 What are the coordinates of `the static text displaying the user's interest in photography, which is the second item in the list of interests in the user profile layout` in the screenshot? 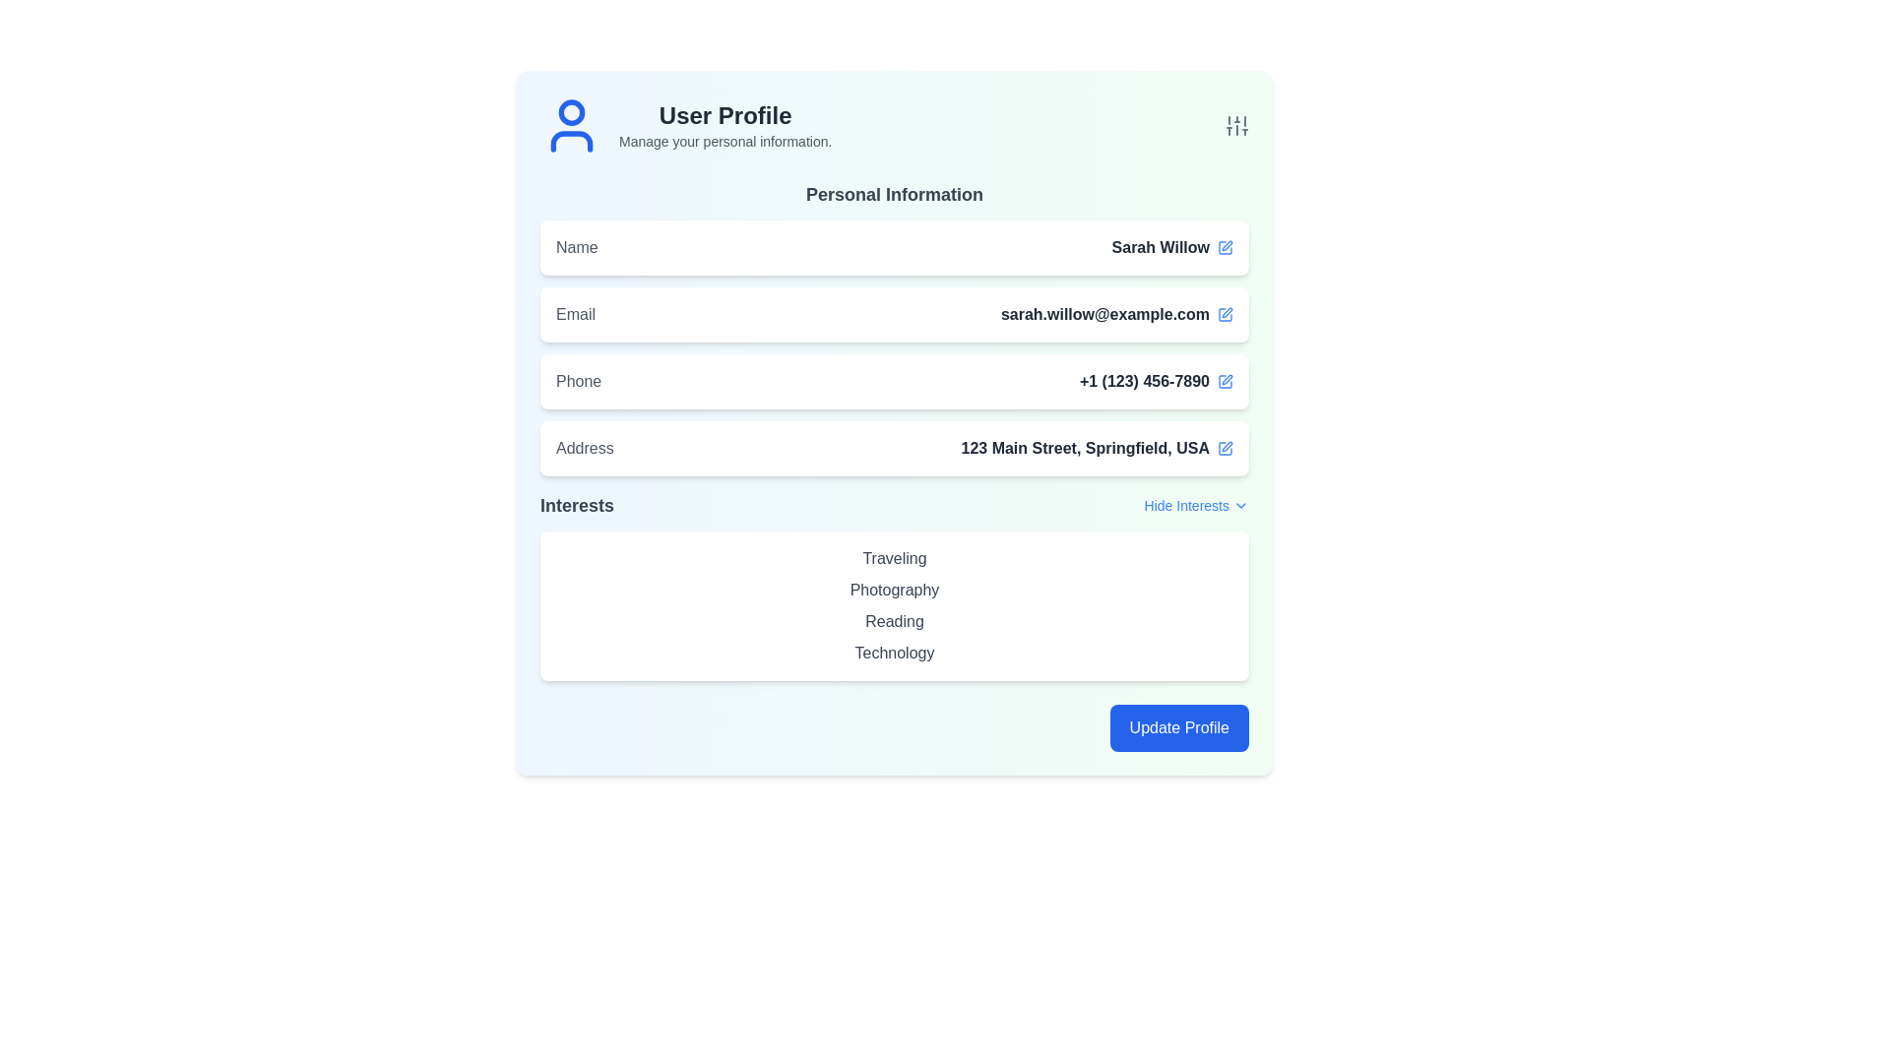 It's located at (893, 586).